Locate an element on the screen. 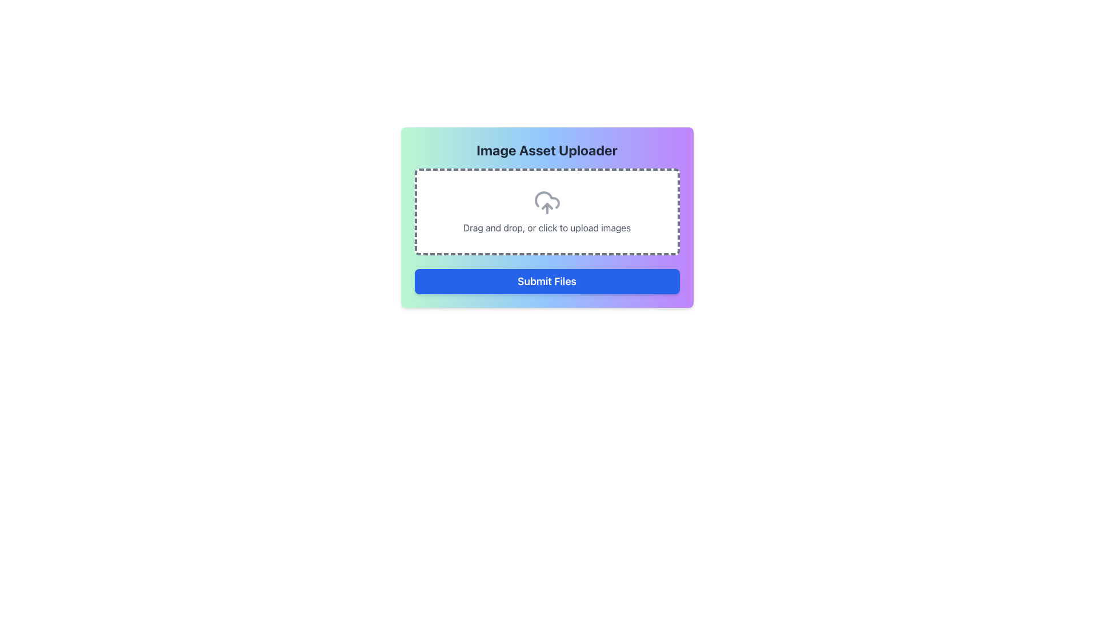  the Text Label that describes the image uploading interface, positioned at the top of its gradient-colored card, above the file upload area and the 'Submit Files' button is located at coordinates (546, 149).